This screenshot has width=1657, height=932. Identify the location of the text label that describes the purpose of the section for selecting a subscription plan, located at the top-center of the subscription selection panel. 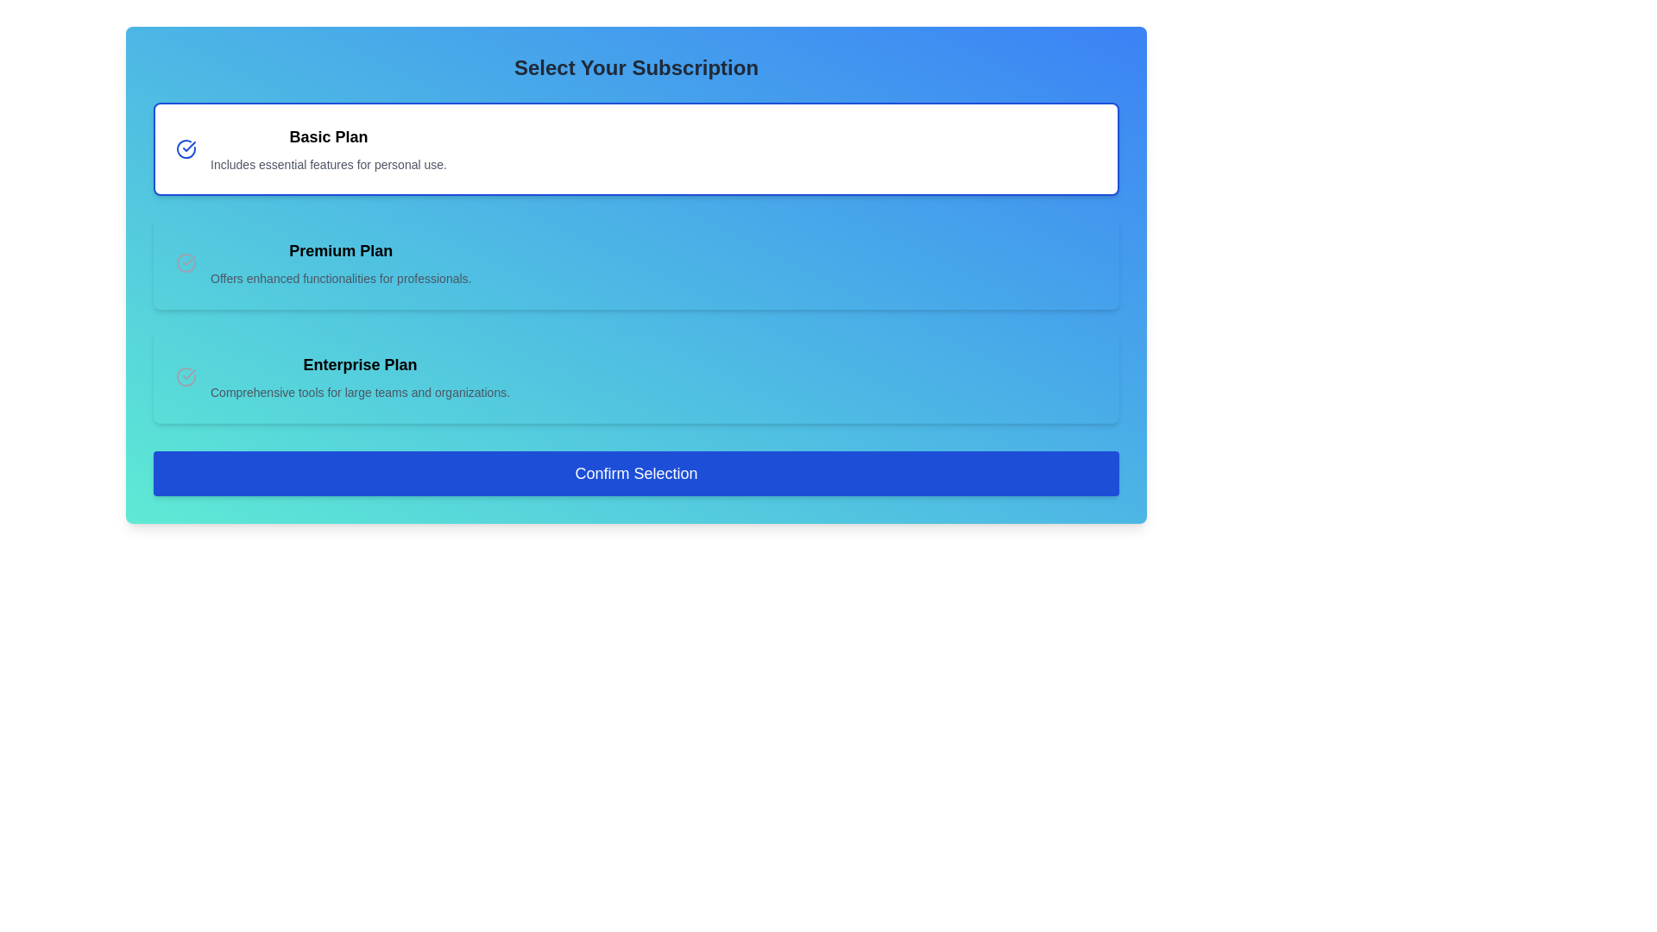
(635, 66).